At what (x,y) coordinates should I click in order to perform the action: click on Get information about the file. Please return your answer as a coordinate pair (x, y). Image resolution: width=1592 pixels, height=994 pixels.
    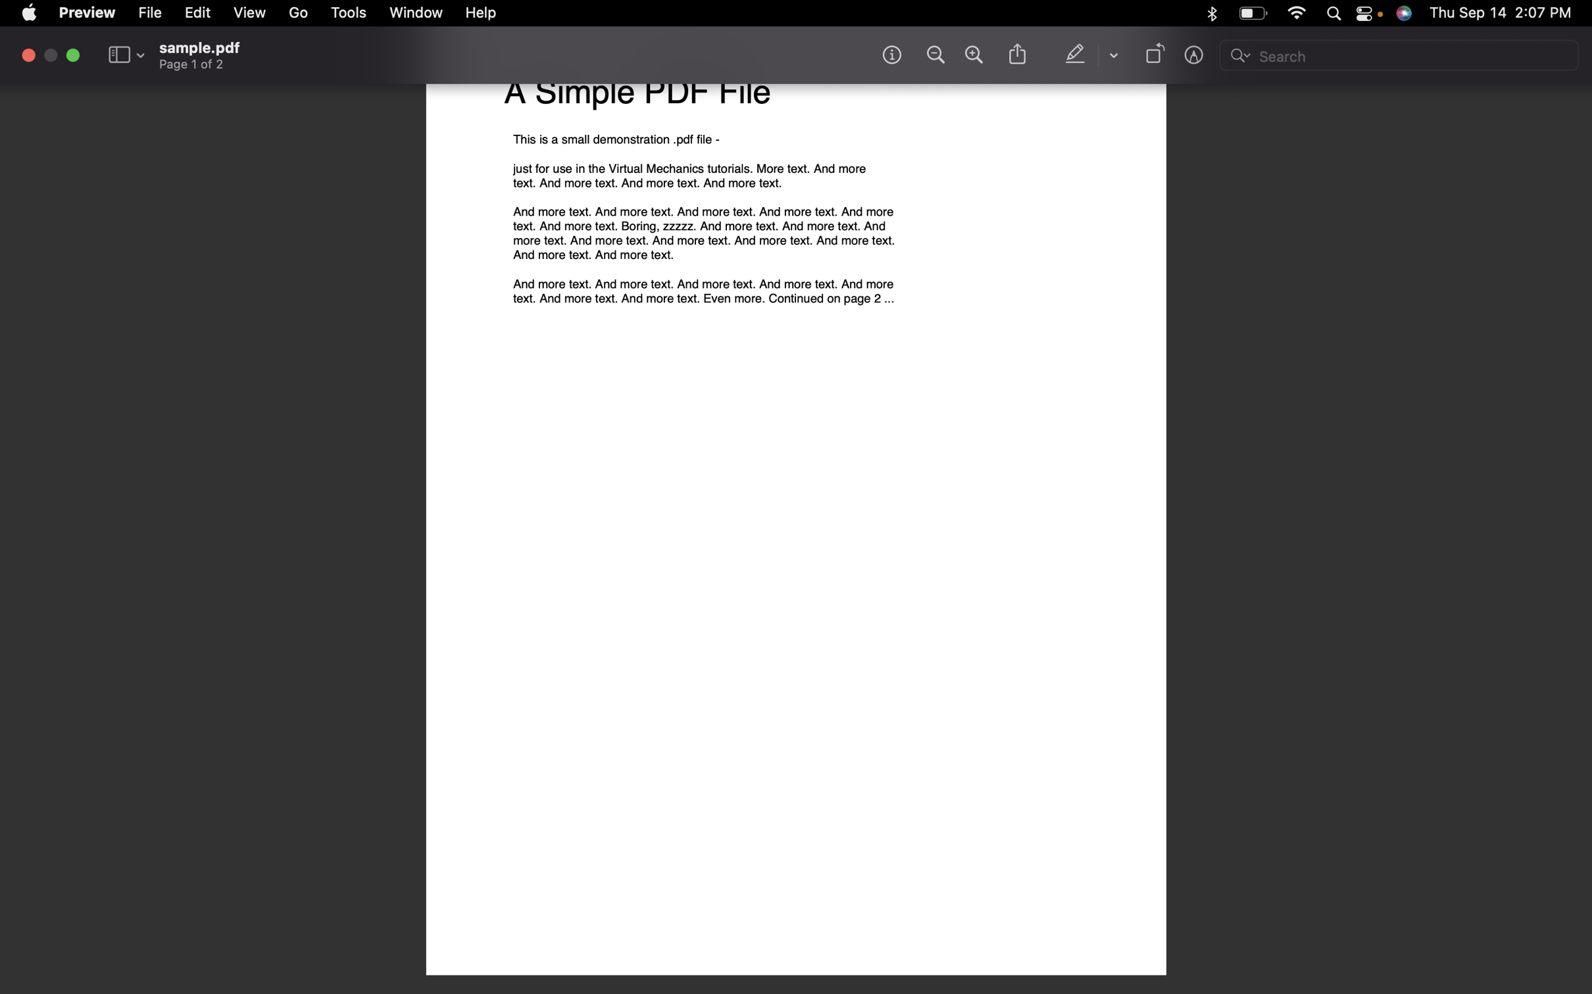
    Looking at the image, I should click on (891, 53).